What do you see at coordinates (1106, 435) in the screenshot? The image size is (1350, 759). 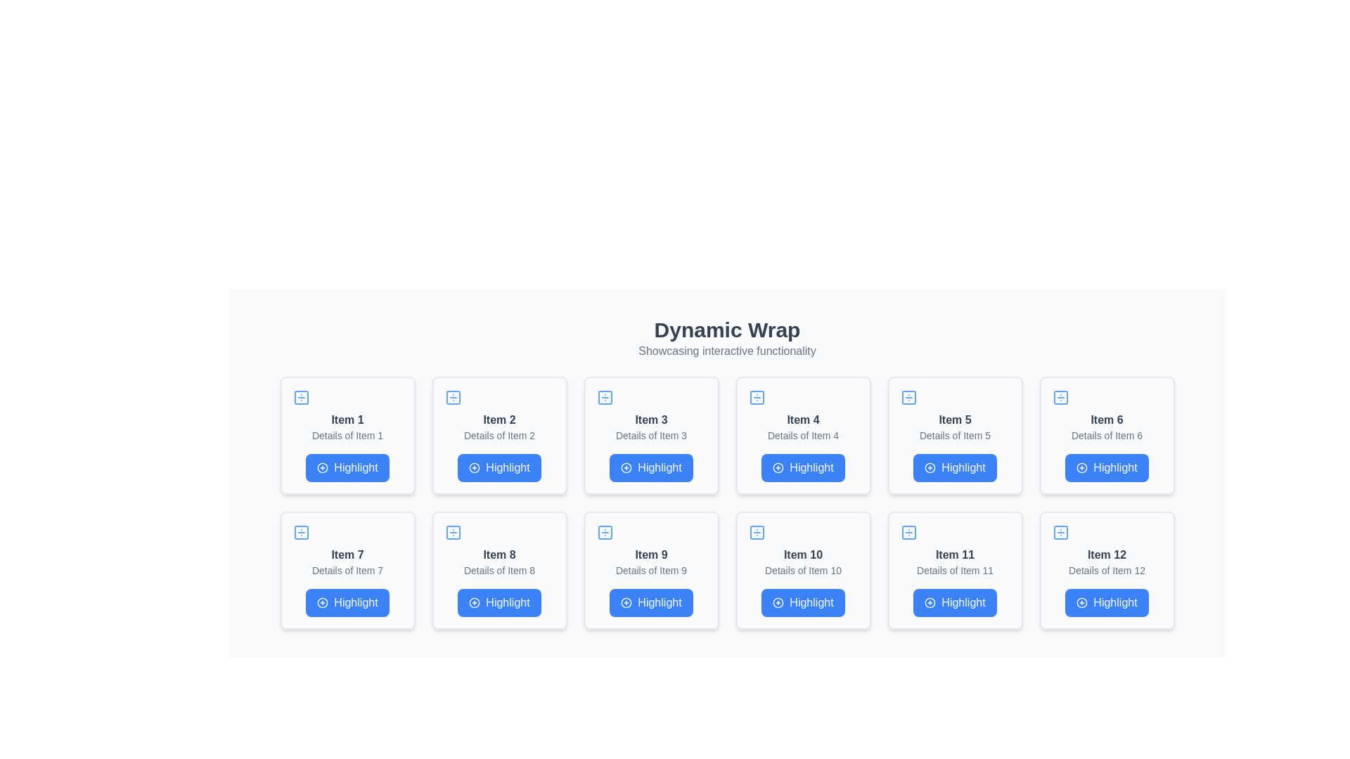 I see `title 'Item 6' and the details 'Details of Item 6' from the informational card with a blue button labeled 'Highlight' at the bottom` at bounding box center [1106, 435].